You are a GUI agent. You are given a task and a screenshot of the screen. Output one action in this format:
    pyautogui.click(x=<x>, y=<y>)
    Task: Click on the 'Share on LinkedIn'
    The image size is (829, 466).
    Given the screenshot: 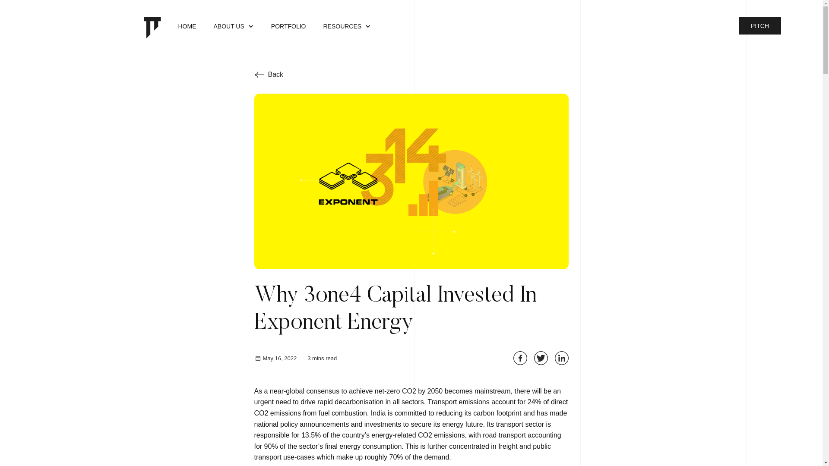 What is the action you would take?
    pyautogui.click(x=554, y=358)
    